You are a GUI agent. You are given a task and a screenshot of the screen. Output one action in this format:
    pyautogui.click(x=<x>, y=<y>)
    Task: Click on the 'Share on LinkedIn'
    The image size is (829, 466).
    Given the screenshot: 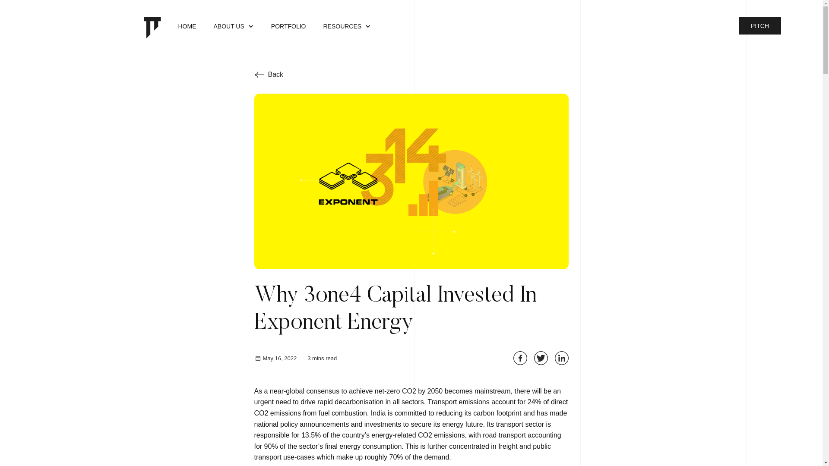 What is the action you would take?
    pyautogui.click(x=554, y=358)
    